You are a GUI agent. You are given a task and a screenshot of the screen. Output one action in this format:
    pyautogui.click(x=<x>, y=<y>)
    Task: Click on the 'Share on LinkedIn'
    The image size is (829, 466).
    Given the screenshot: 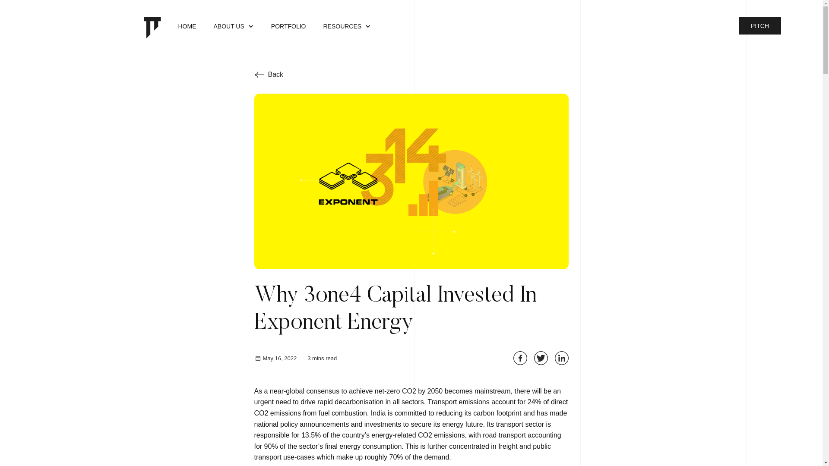 What is the action you would take?
    pyautogui.click(x=554, y=358)
    